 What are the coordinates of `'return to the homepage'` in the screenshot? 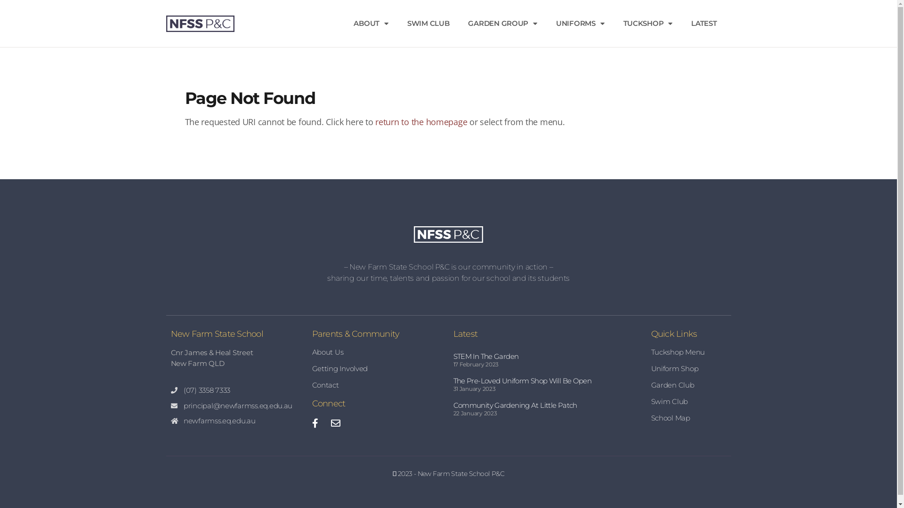 It's located at (420, 121).